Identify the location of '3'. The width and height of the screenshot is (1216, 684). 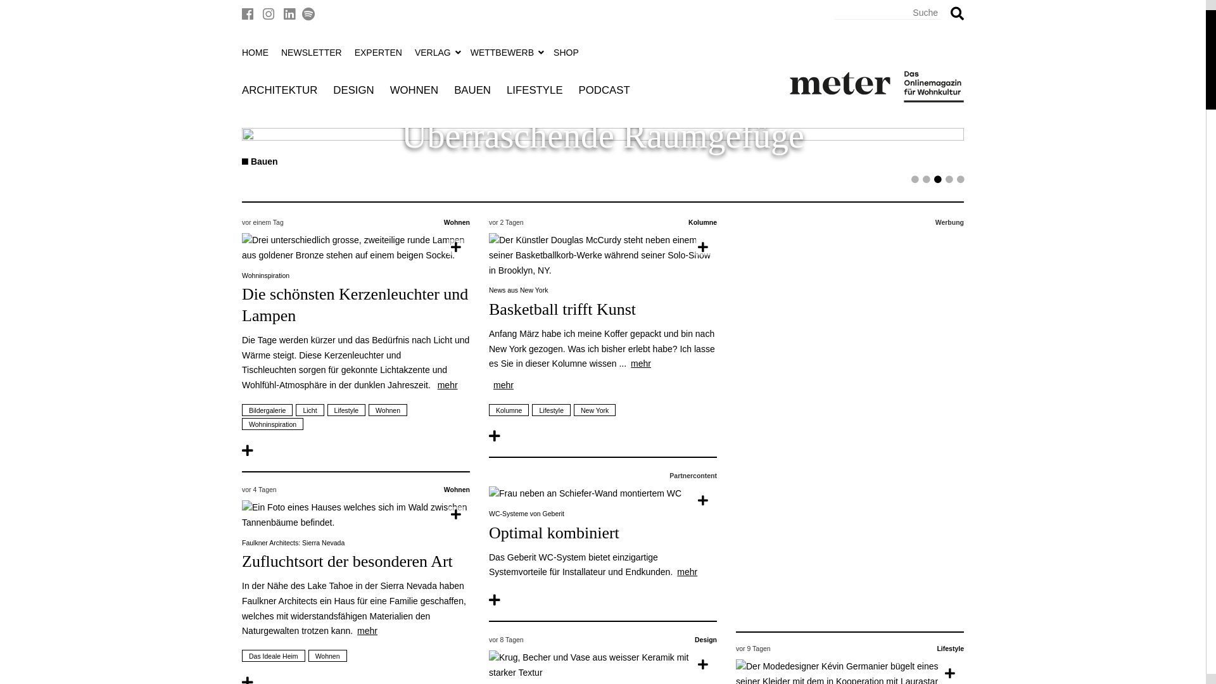
(938, 182).